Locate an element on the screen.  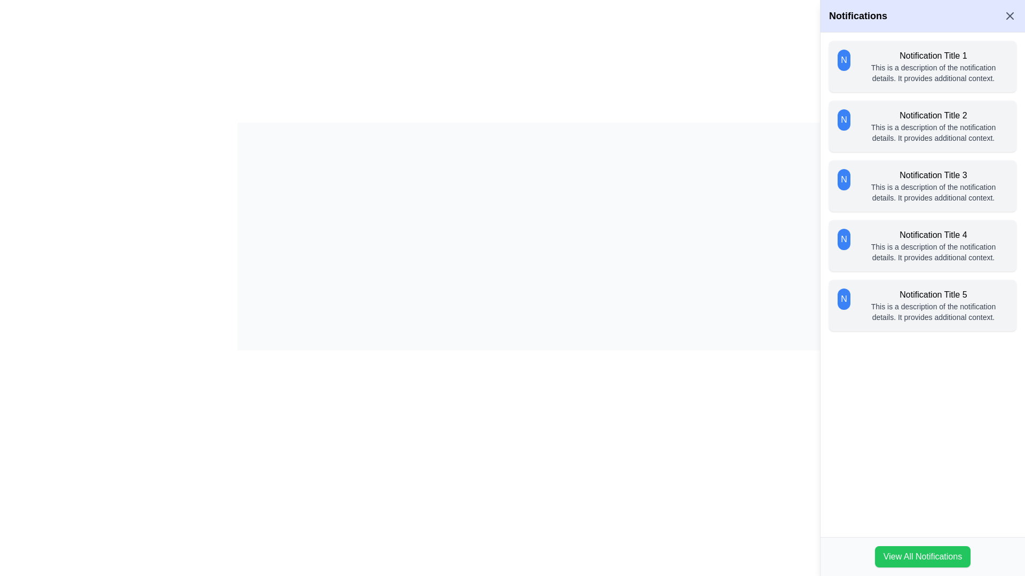
the Text content block in the notifications panel that contains a title and description, located in the fourth position from the top, with a light-gray background and a circular blue icon with a white letter 'N' on the left is located at coordinates (933, 246).